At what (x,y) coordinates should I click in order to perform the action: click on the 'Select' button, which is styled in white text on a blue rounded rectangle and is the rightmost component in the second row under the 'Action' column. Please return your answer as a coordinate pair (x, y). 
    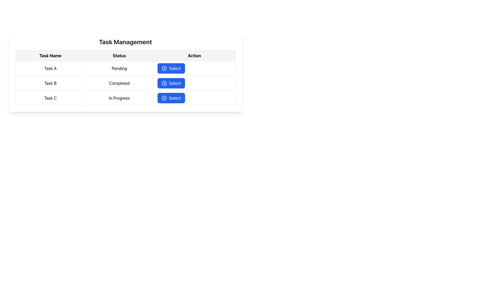
    Looking at the image, I should click on (175, 83).